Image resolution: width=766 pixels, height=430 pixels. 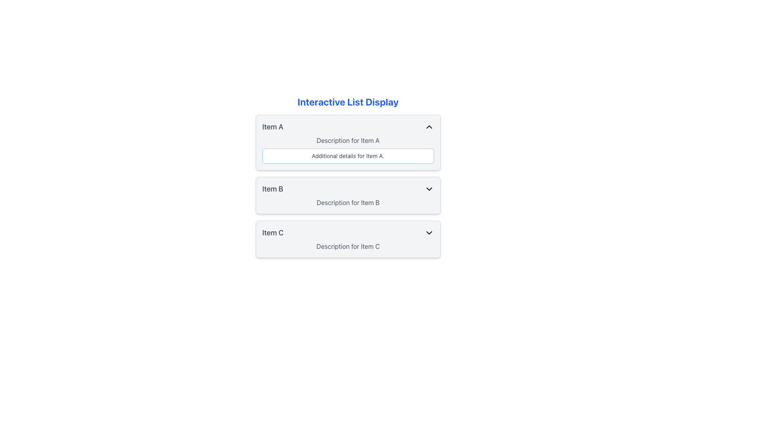 I want to click on the chevron icon for 'Item C', so click(x=428, y=233).